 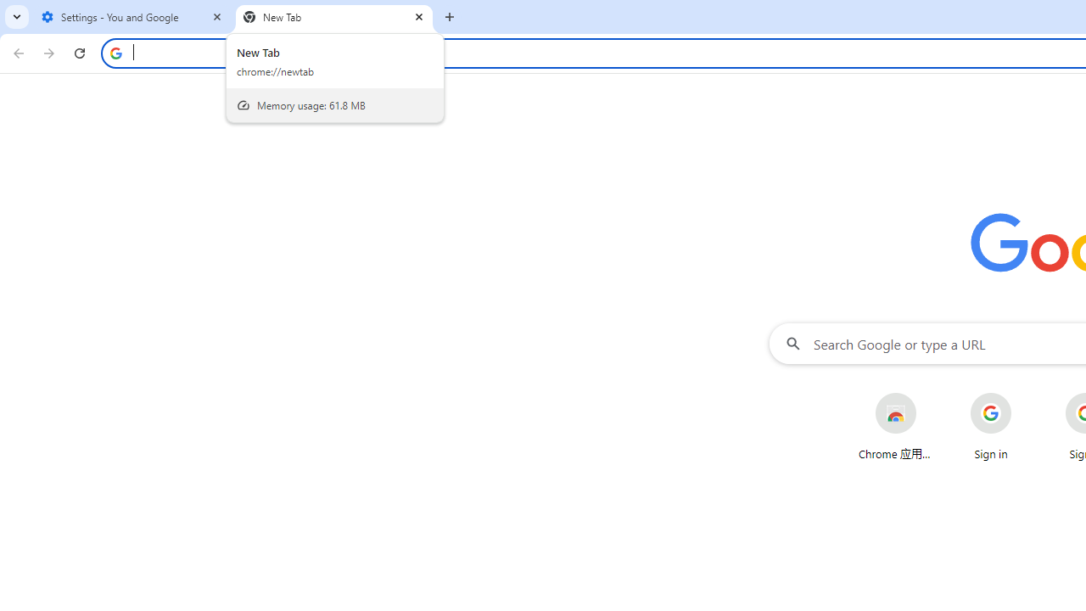 I want to click on 'More actions for Sign in shortcut', so click(x=1024, y=394).